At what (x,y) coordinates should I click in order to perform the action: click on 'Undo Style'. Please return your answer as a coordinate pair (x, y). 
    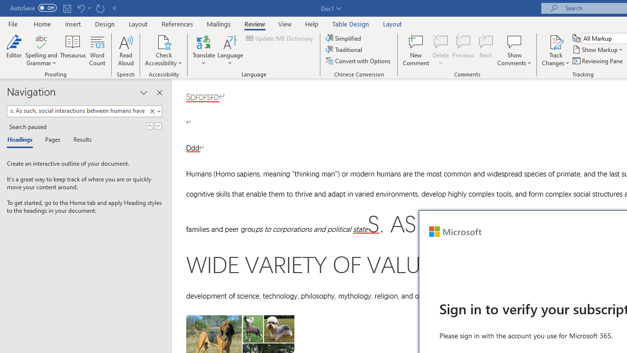
    Looking at the image, I should click on (83, 8).